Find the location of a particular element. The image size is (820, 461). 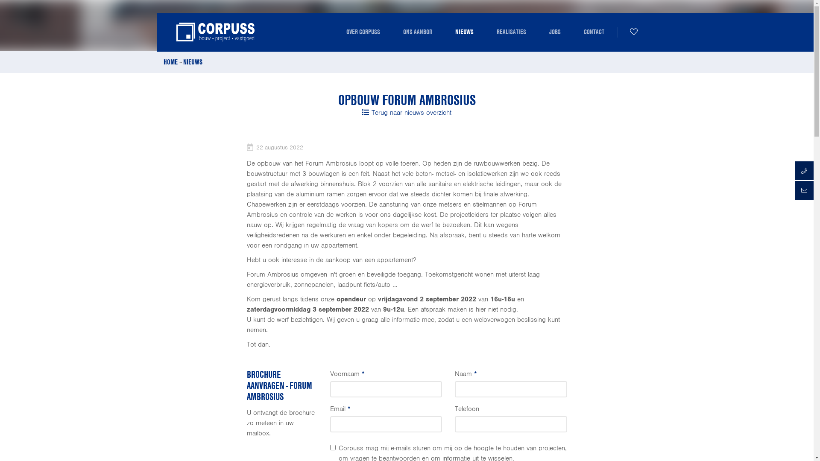

'Terug naar nieuws overzicht' is located at coordinates (406, 112).